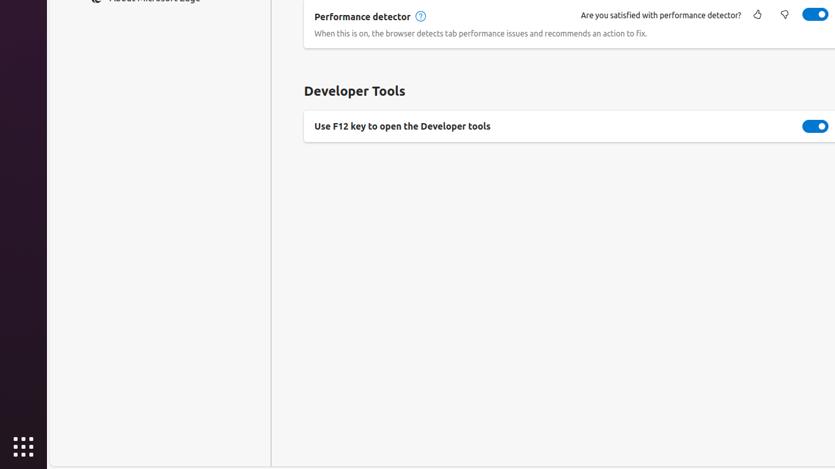 Image resolution: width=835 pixels, height=469 pixels. I want to click on 'Dislike', so click(783, 15).